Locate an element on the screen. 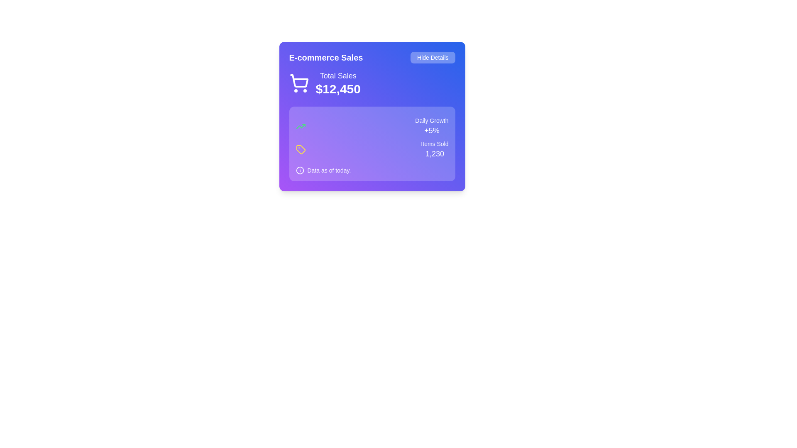 This screenshot has height=448, width=797. the 'trending up' indicator icon located within the blue card titled 'E-commerce Sales', which visually represents a positive trend above the text 'Daily Growth +5%' is located at coordinates (300, 126).